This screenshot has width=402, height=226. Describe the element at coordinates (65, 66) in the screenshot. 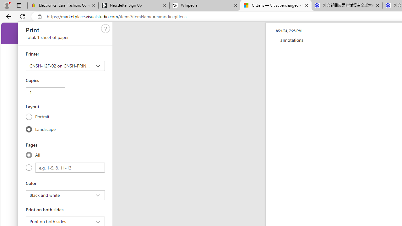

I see `'Printer CNSH-12F-02 on CNSH-PRINT-01'` at that location.